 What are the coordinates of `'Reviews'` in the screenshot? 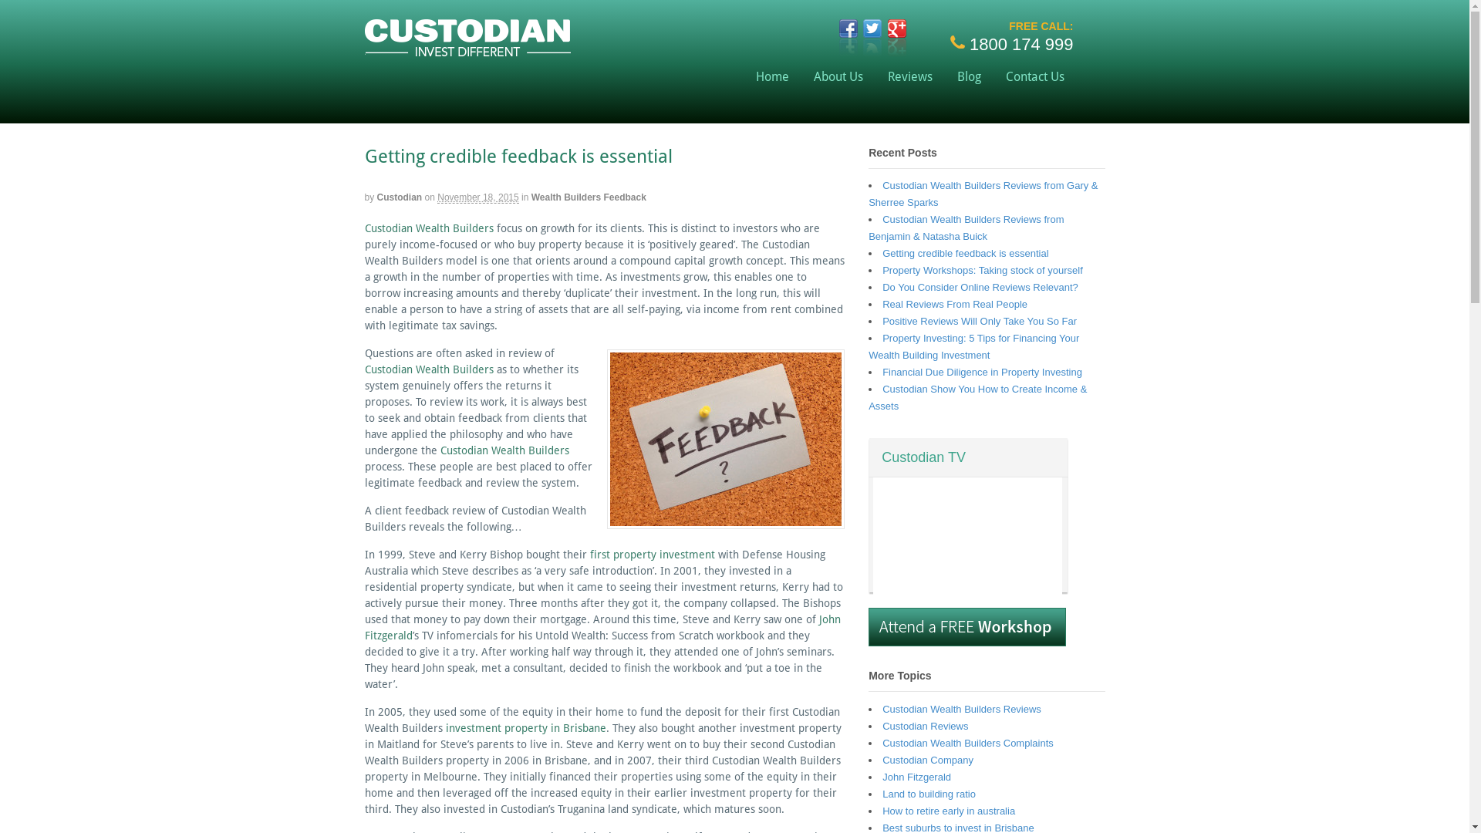 It's located at (875, 76).